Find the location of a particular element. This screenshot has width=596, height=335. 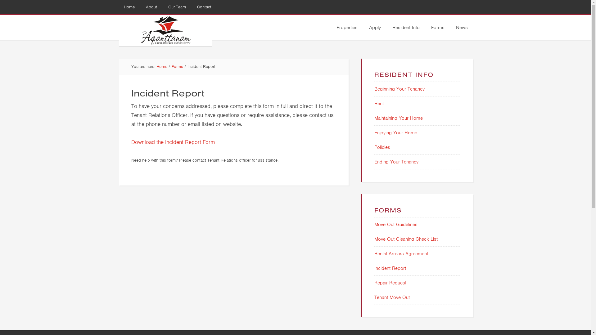

'Rental Arrears Agreement' is located at coordinates (401, 253).